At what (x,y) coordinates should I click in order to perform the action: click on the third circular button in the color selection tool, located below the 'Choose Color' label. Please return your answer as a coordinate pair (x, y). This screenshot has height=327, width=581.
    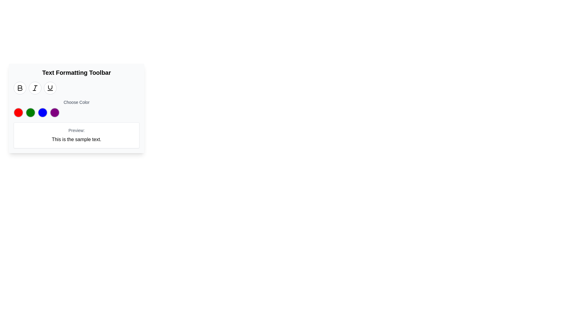
    Looking at the image, I should click on (42, 112).